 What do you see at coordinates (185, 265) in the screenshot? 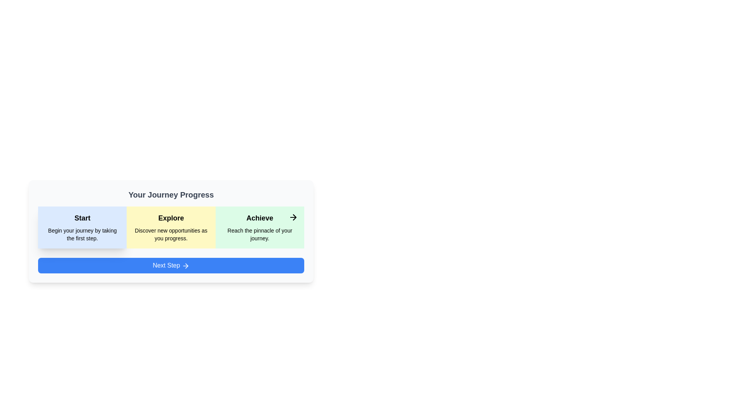
I see `the right-pointing arrow icon within the 'Next Step' button, which has a blue background and white text, located at the bottom of the interface` at bounding box center [185, 265].